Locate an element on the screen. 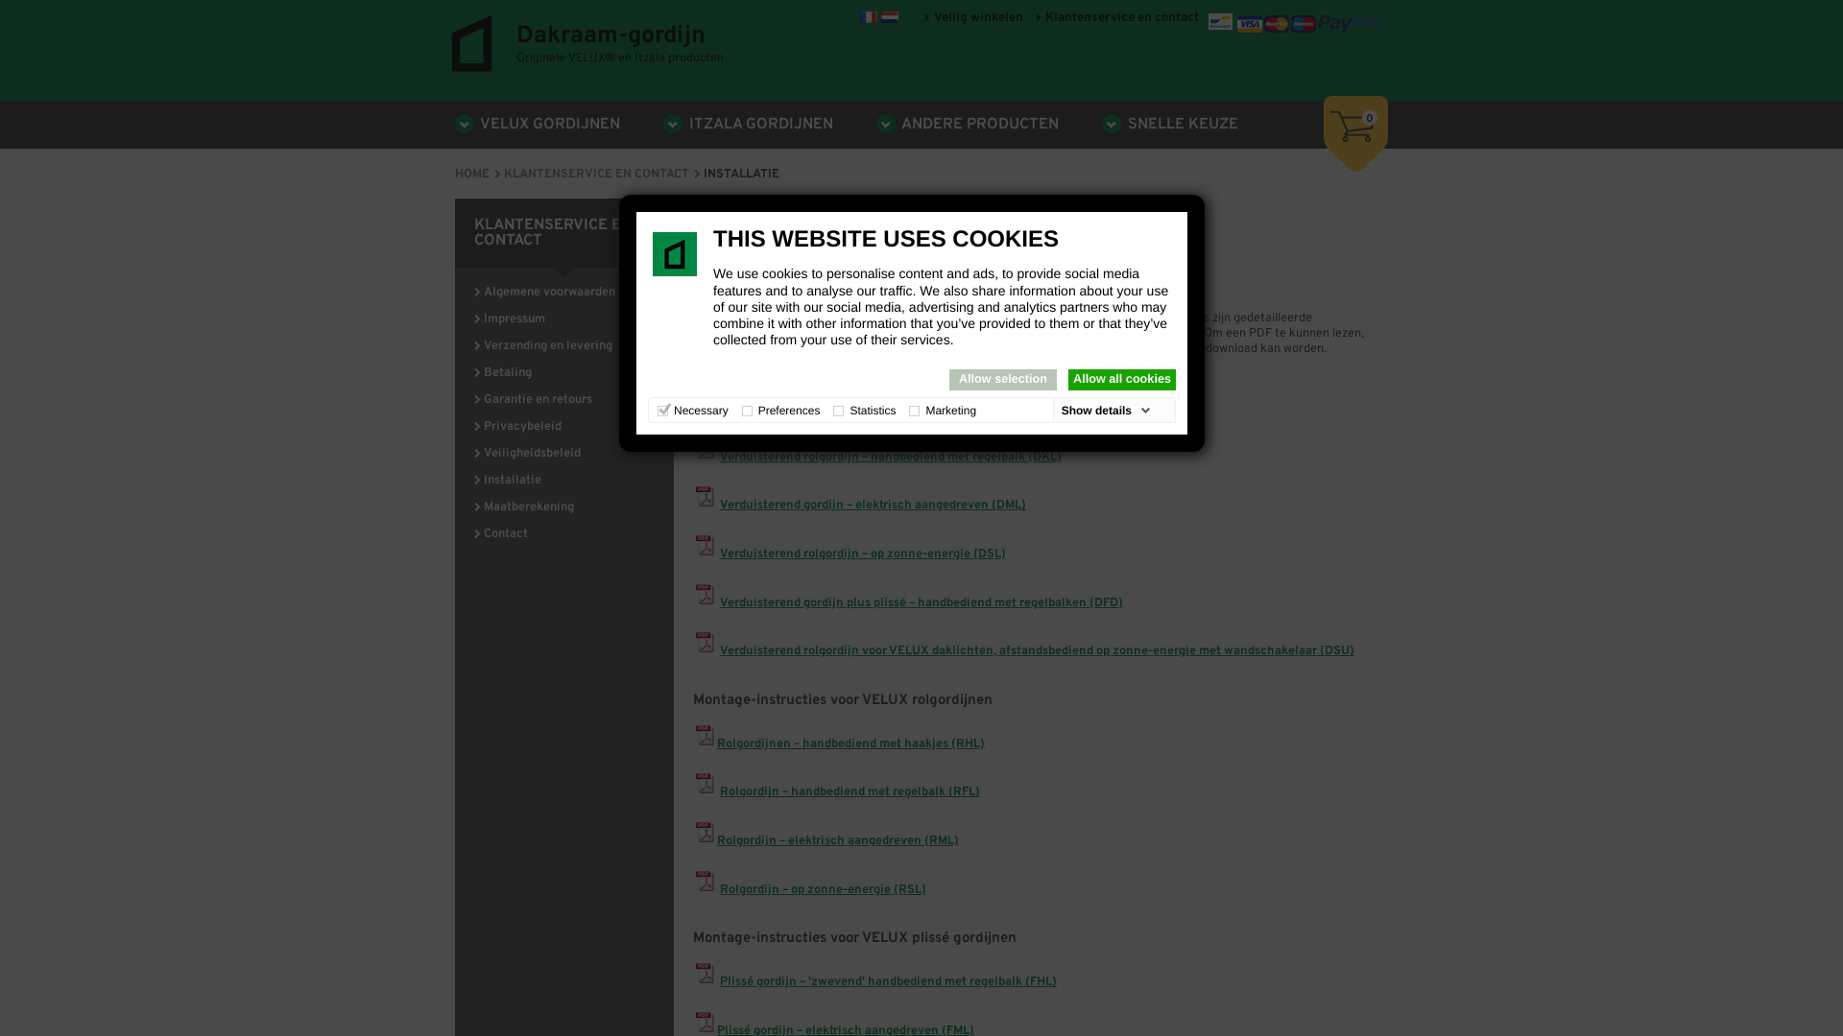  'KLANTENSERVICE EN CONTACT' is located at coordinates (601, 174).